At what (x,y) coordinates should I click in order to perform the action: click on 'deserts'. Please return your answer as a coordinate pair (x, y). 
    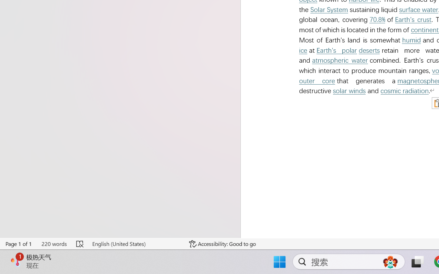
    Looking at the image, I should click on (369, 50).